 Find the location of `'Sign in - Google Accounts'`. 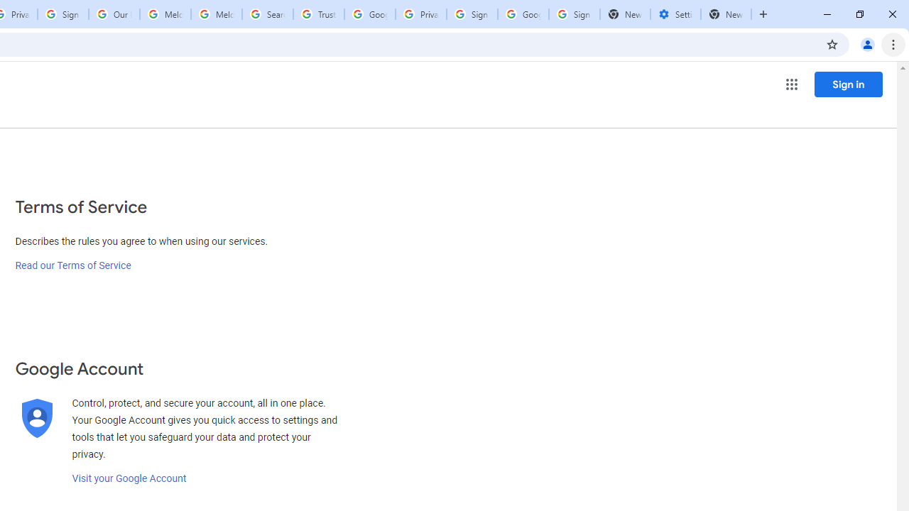

'Sign in - Google Accounts' is located at coordinates (472, 14).